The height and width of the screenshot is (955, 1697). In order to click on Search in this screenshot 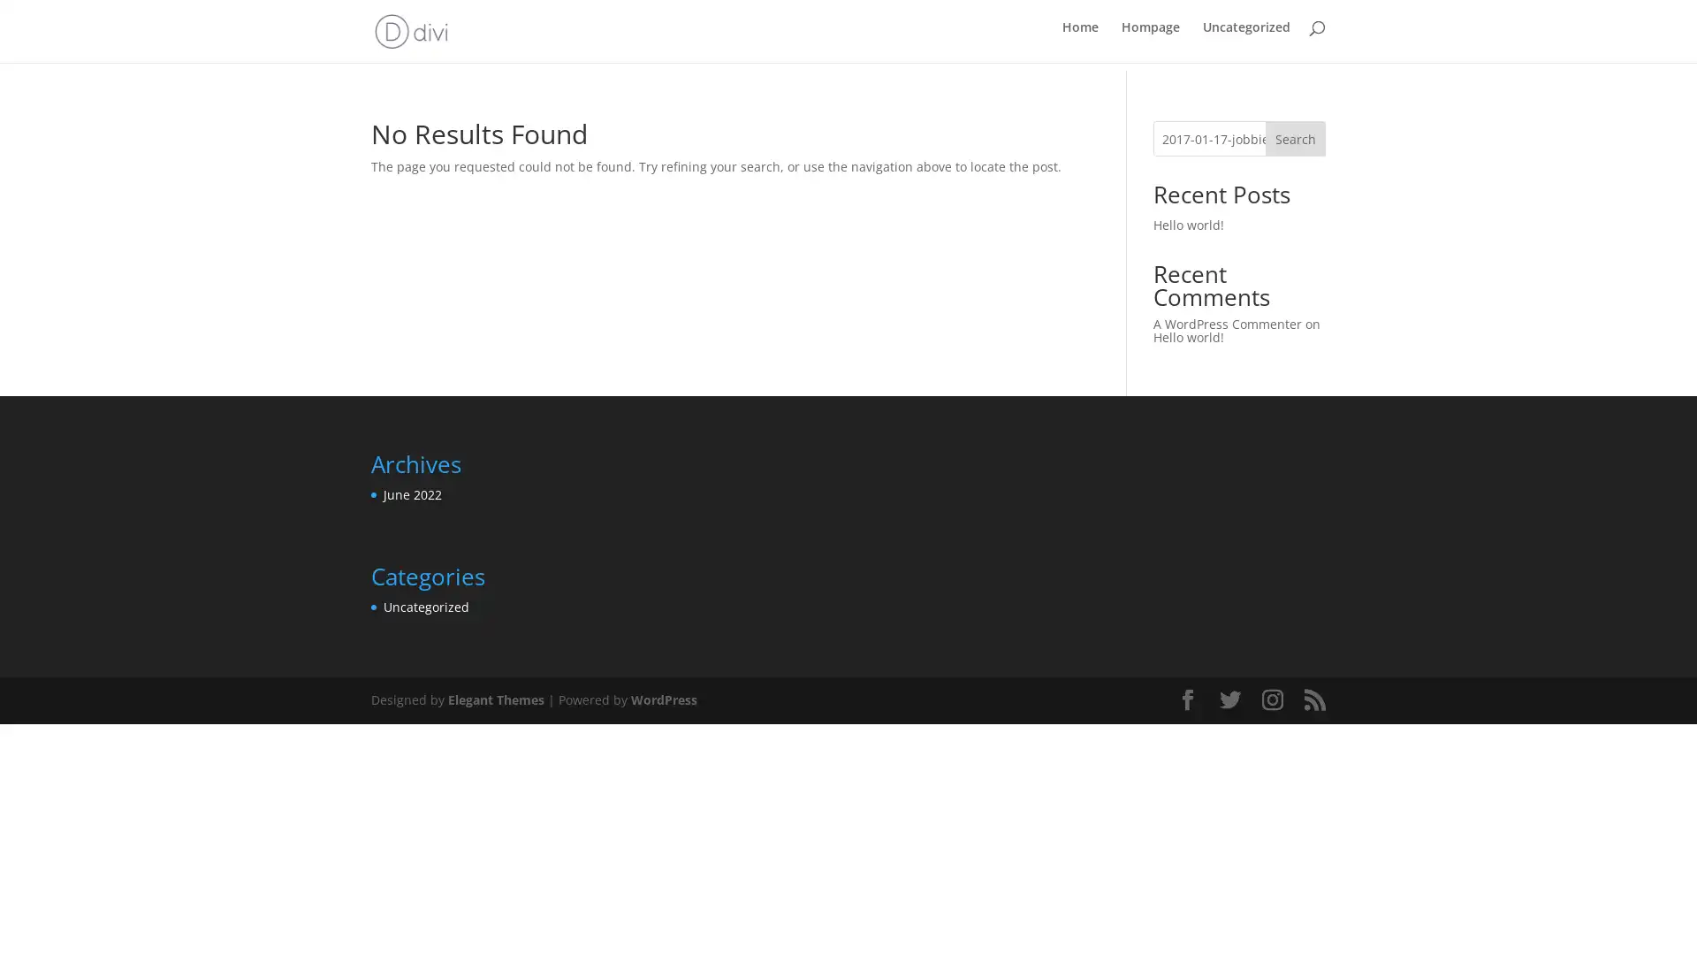, I will do `click(1295, 133)`.